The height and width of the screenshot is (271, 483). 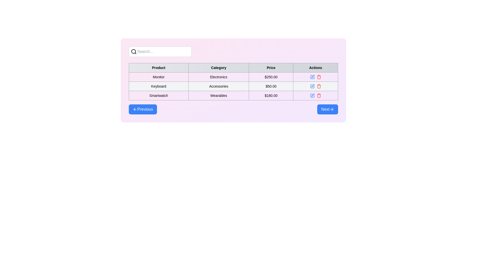 What do you see at coordinates (312, 96) in the screenshot?
I see `the outline square icon button in the 'Actions' column of the table, located in the third row` at bounding box center [312, 96].